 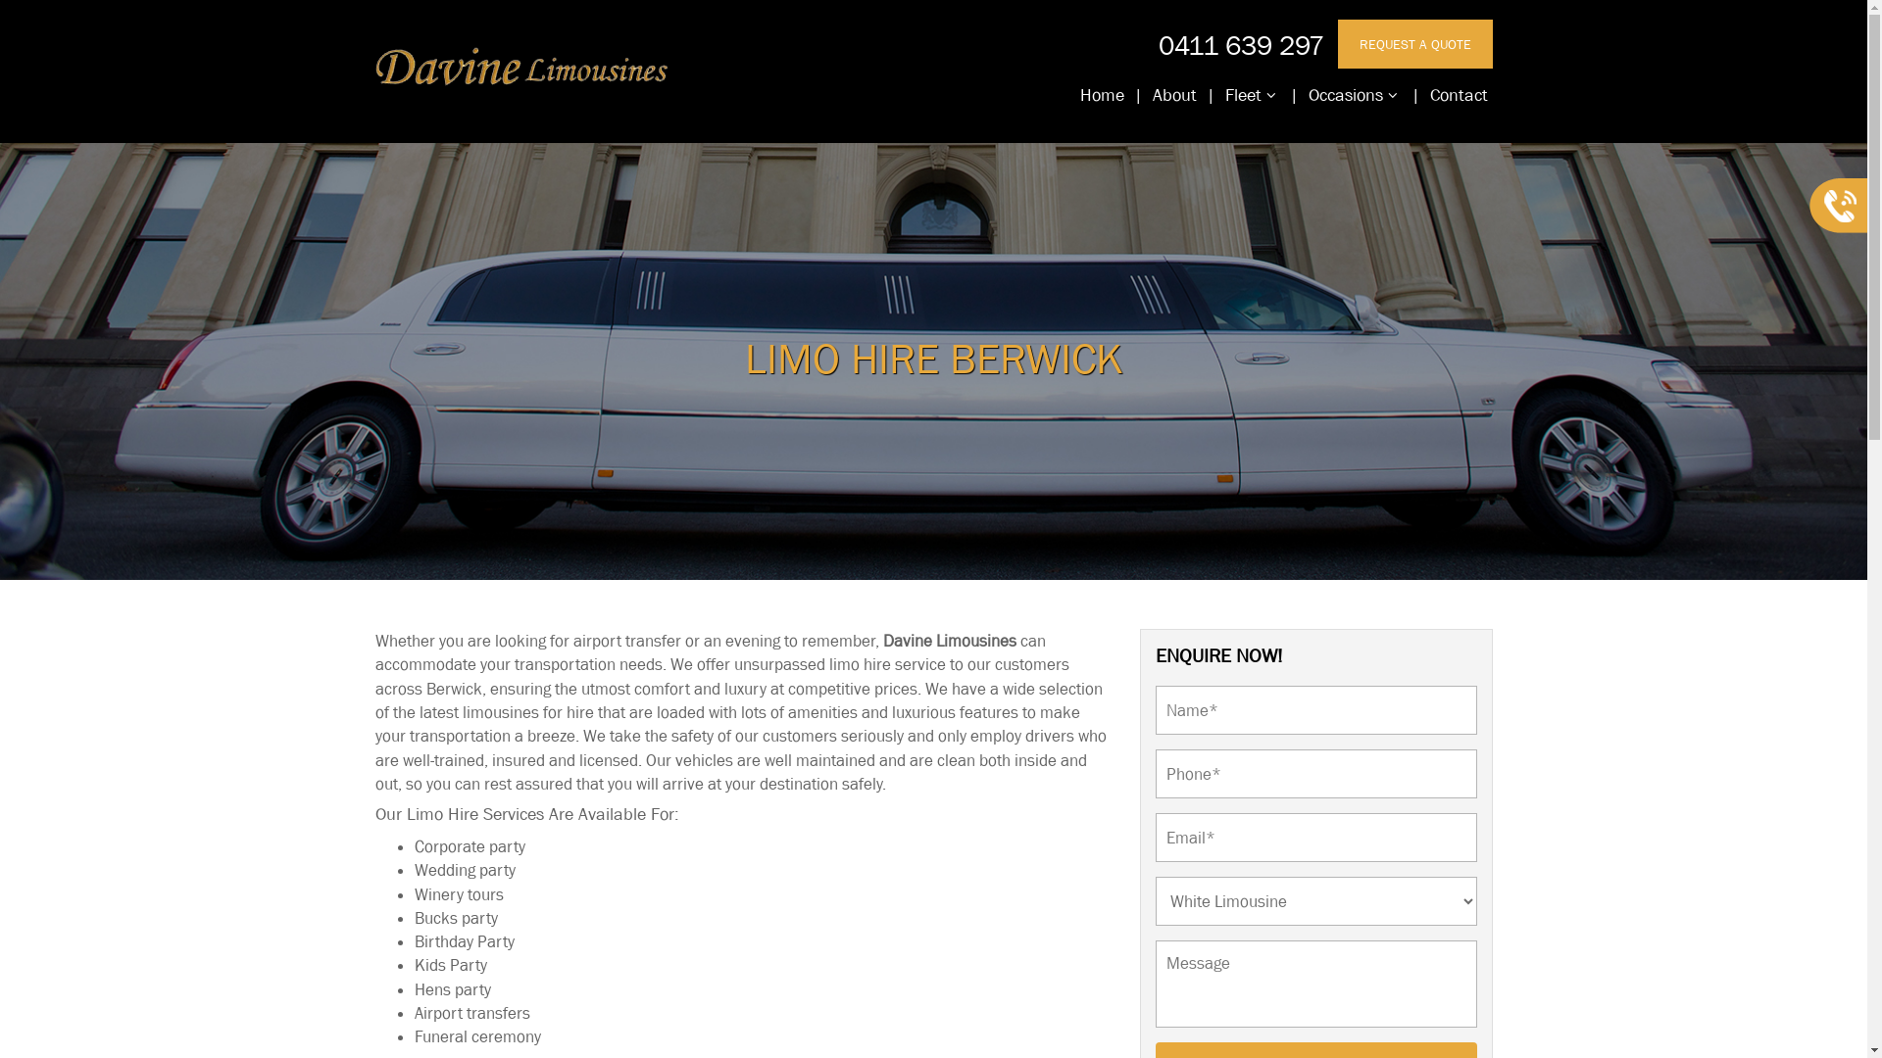 What do you see at coordinates (1101, 95) in the screenshot?
I see `'Home'` at bounding box center [1101, 95].